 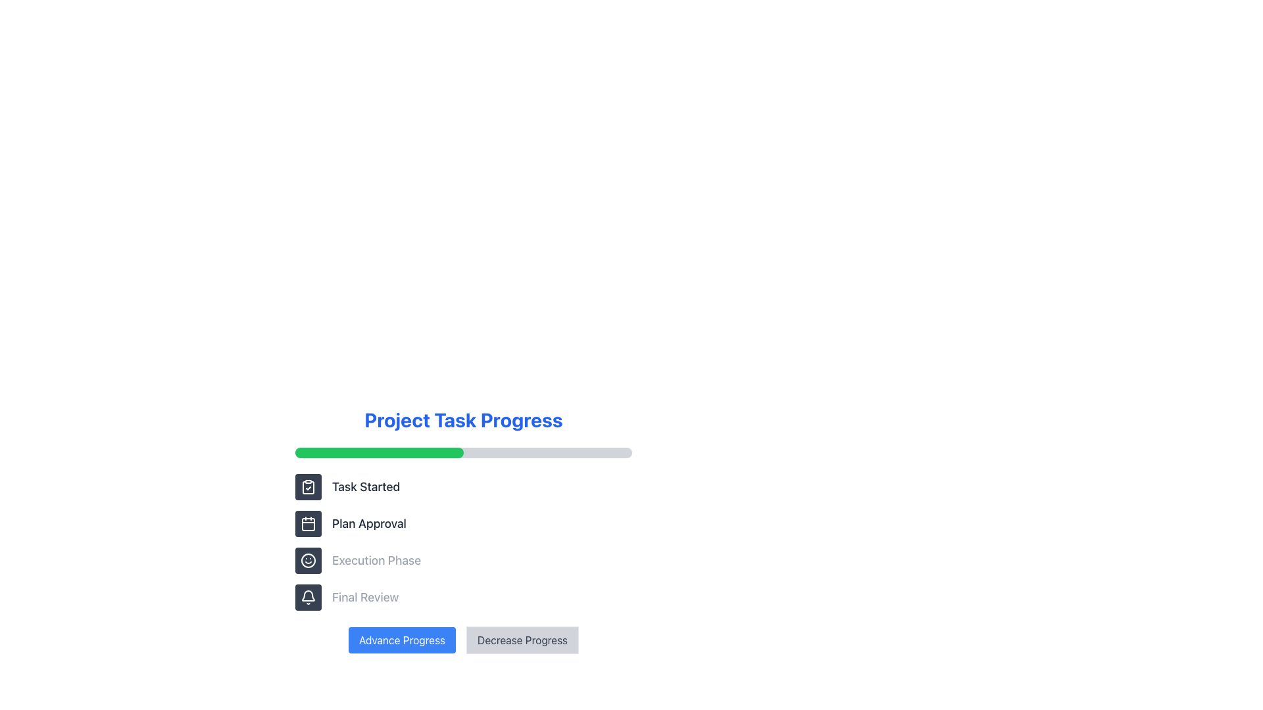 I want to click on the Progress Bar, which visually represents the completion percentage of a task, located below the 'Project Task Progress' header, so click(x=464, y=452).